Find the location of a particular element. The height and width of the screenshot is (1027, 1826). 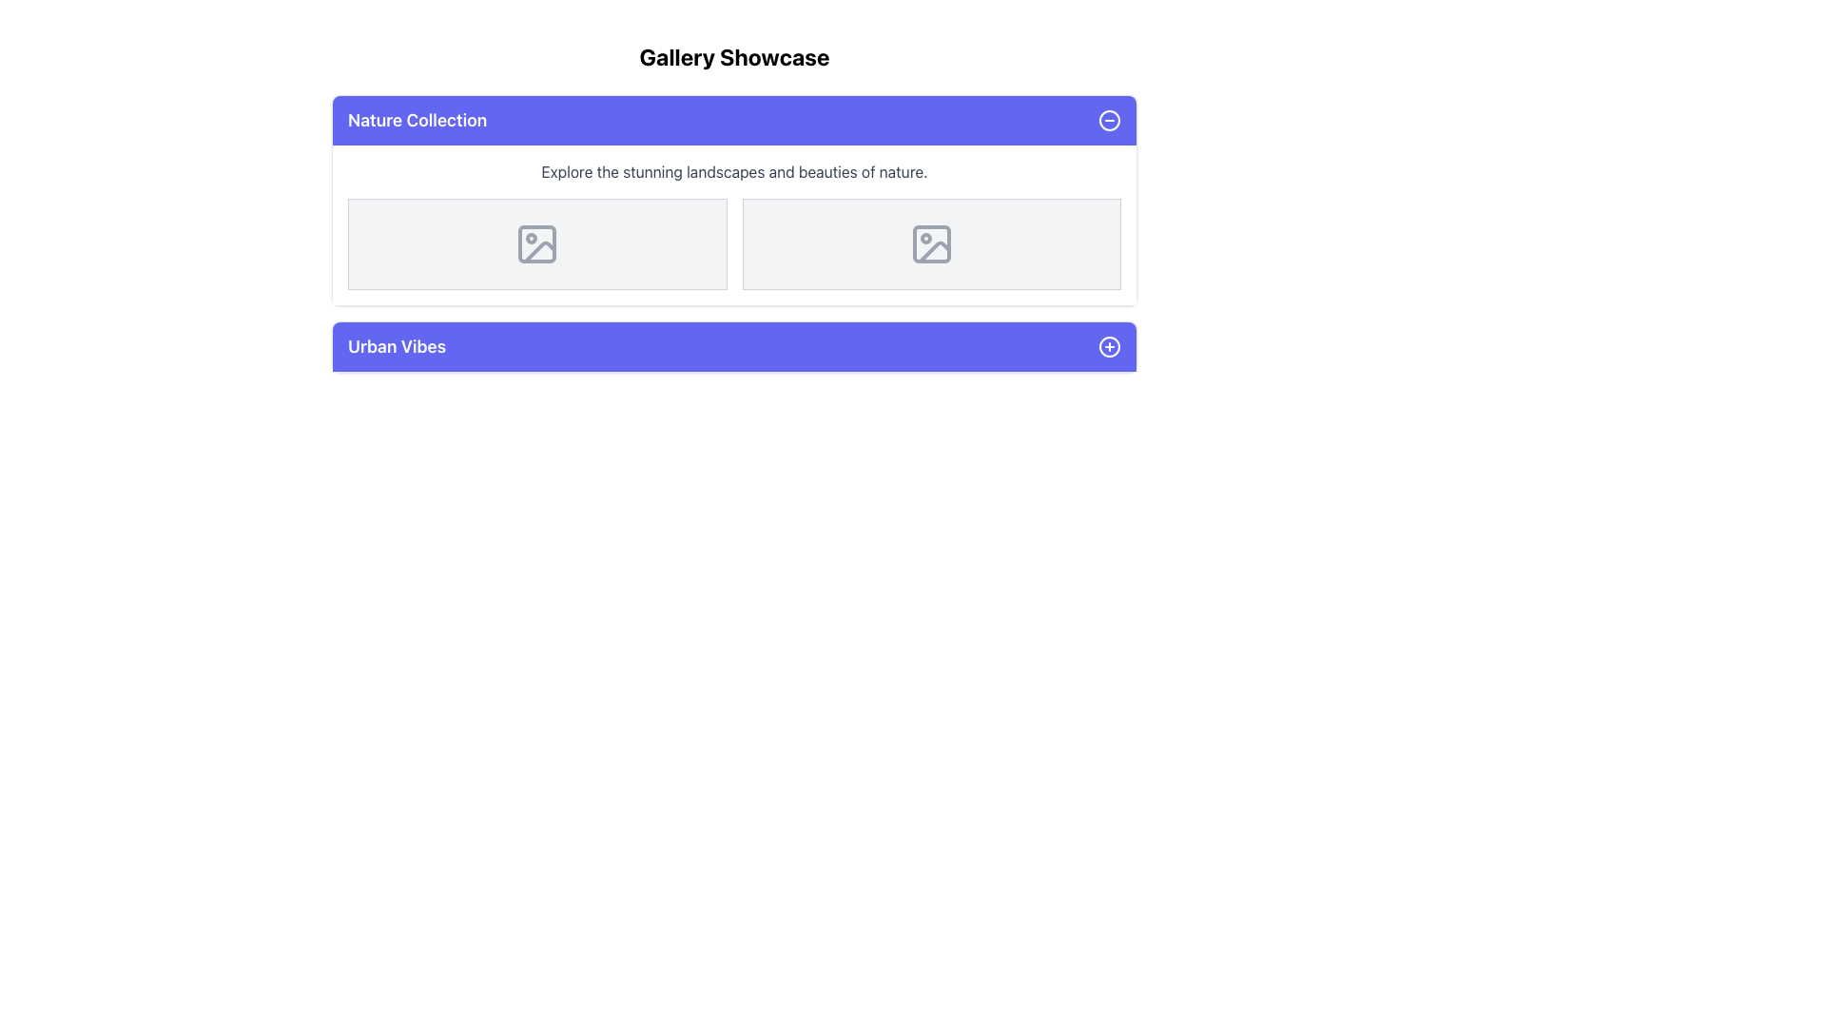

the image placeholder in the 'Nature Collection' card is located at coordinates (931, 243).